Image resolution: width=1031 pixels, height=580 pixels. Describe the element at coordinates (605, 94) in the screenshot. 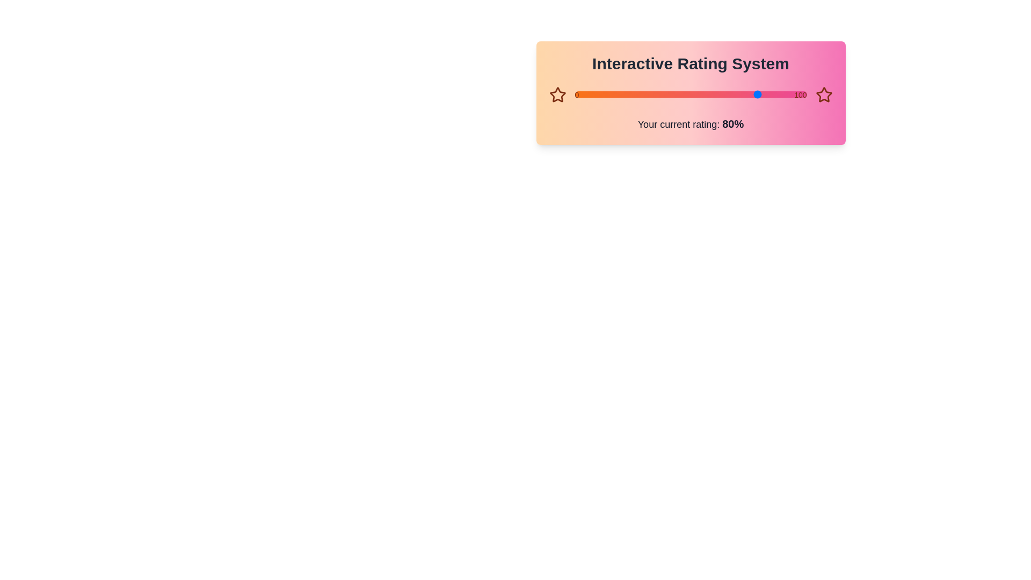

I see `the slider track to set the rating to 13%` at that location.